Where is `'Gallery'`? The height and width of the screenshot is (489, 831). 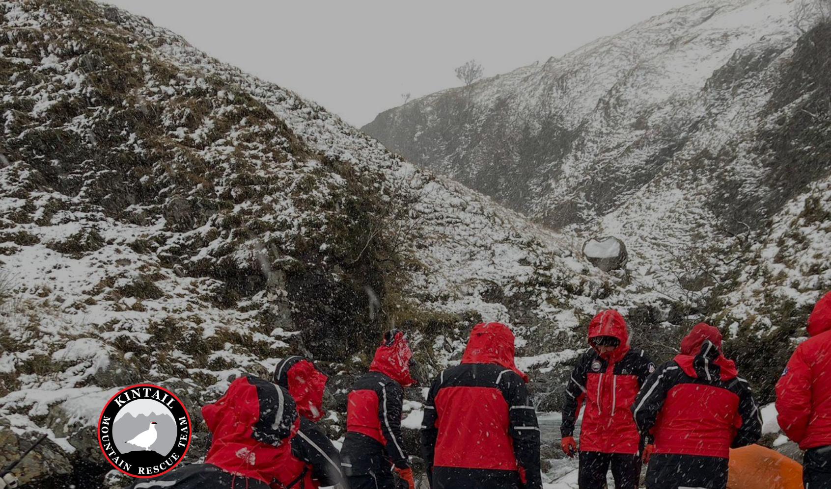 'Gallery' is located at coordinates (532, 16).